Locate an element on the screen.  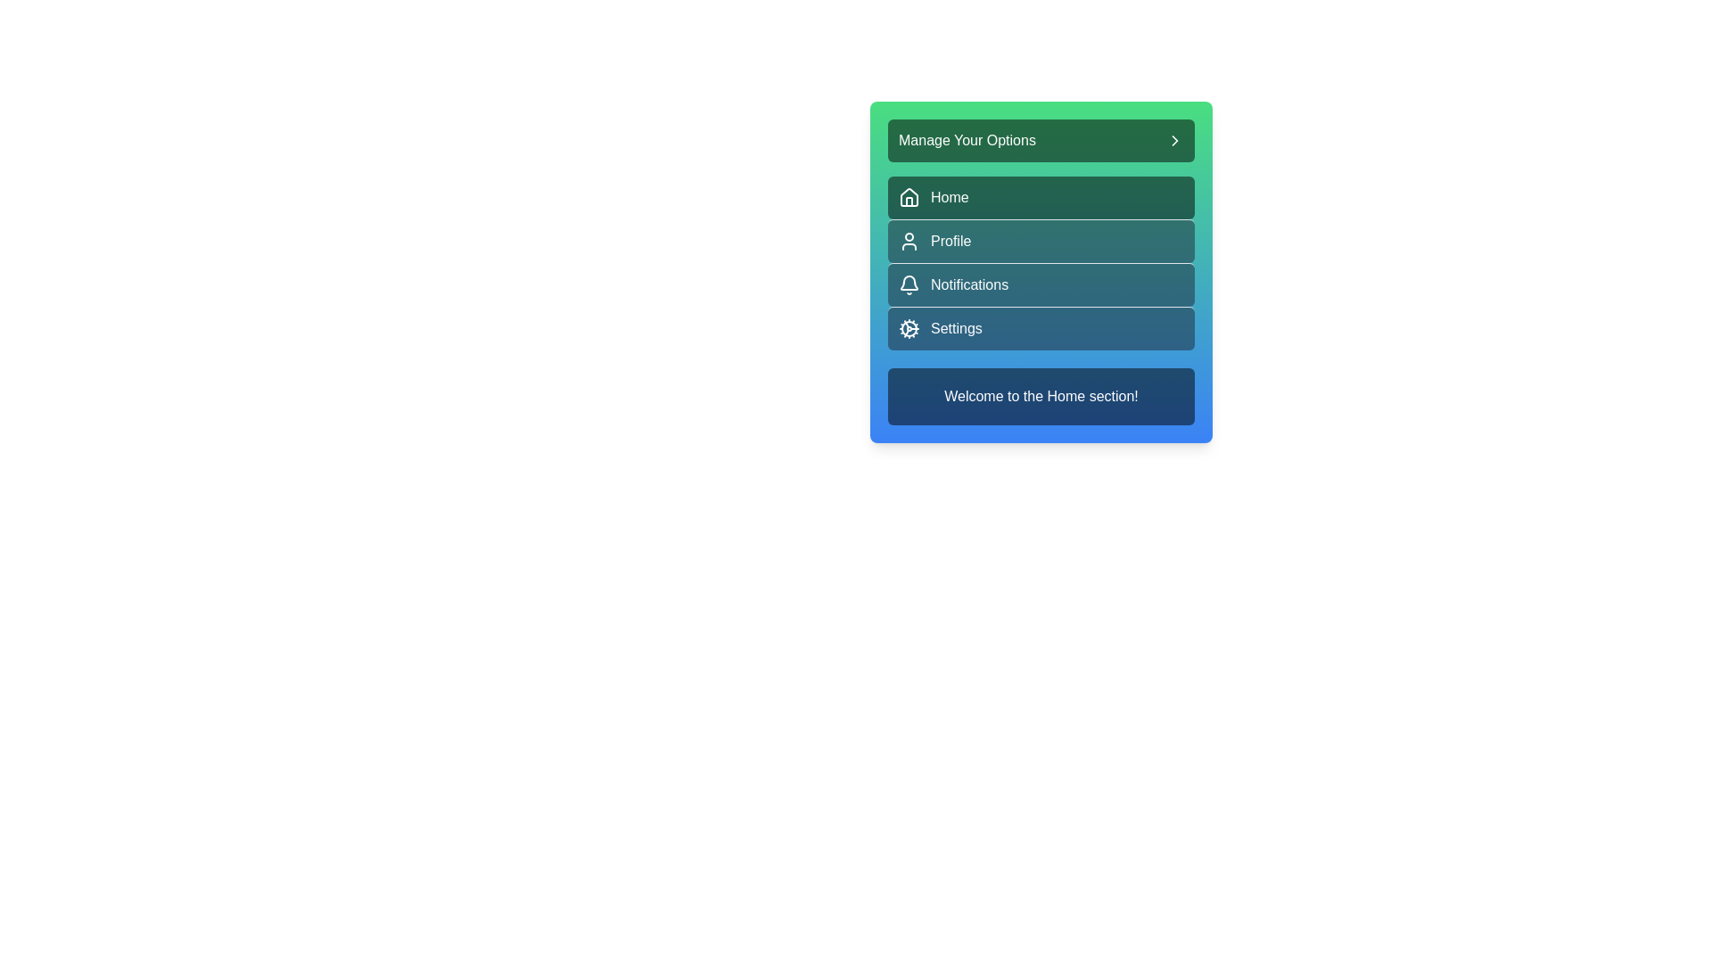
the Notifications menu item, which is the third option in a vertical list situated between 'Profile' and 'Settings' is located at coordinates (1041, 271).